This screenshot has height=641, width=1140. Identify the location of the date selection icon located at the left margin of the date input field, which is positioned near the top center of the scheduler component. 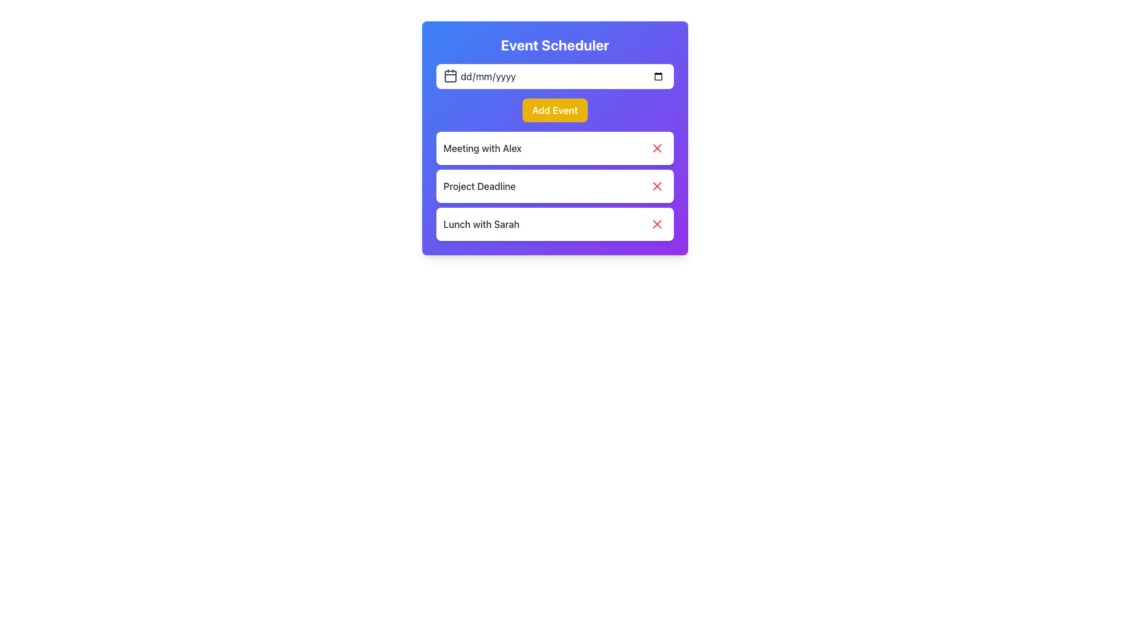
(449, 75).